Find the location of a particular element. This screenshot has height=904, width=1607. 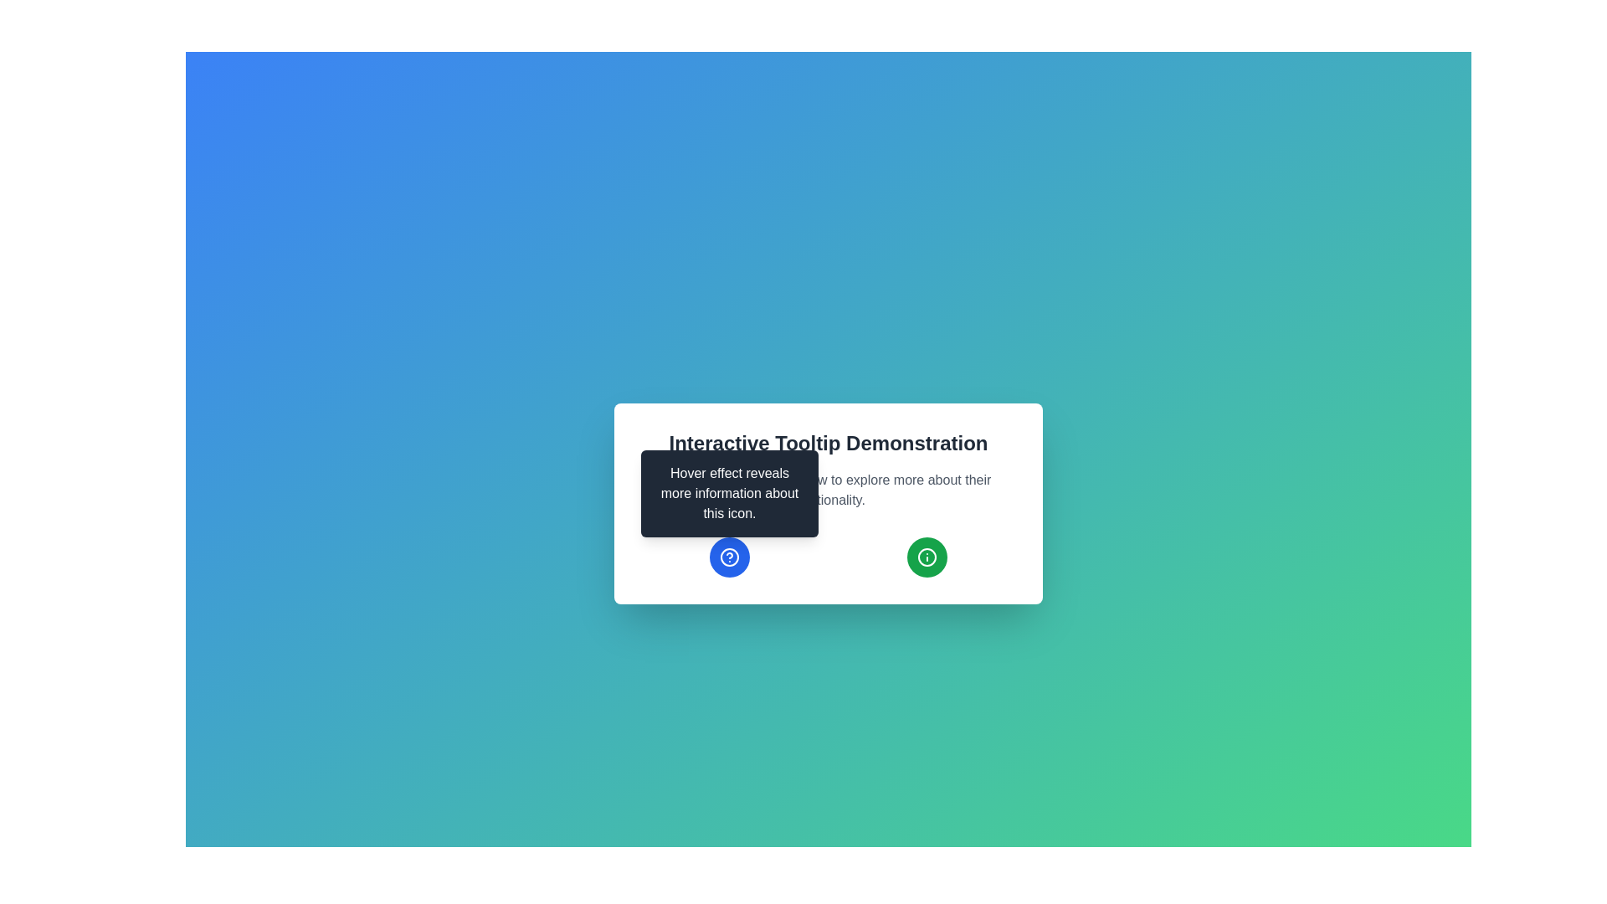

the circular button with a blue background and a white question mark symbol, located near the center at the bottom of the informative card or panel is located at coordinates (730, 557).